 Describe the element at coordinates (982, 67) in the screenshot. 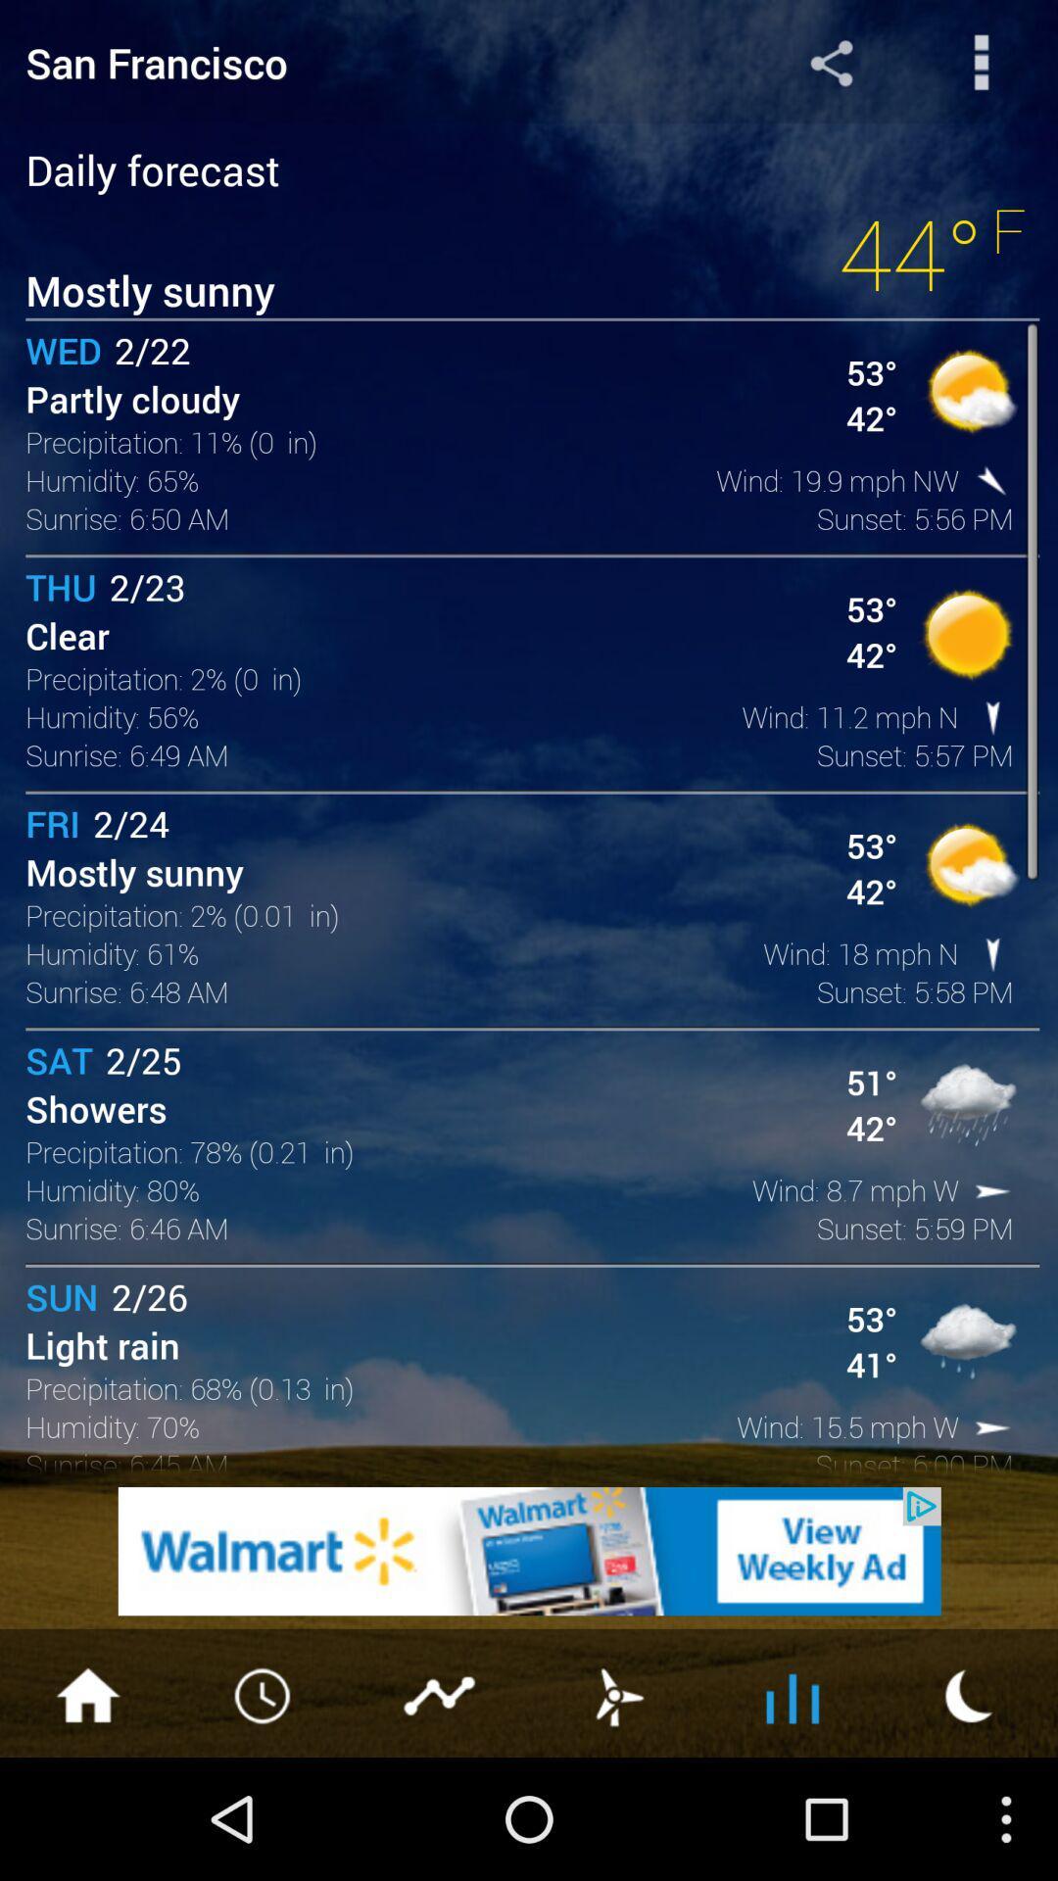

I see `the more icon` at that location.